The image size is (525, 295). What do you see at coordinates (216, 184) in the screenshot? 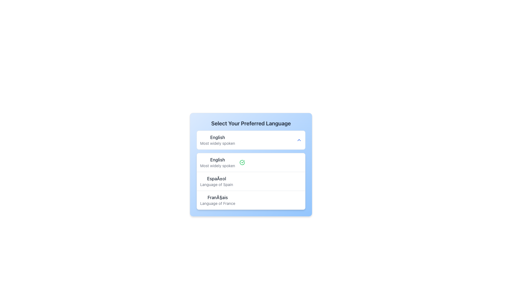
I see `the text label displaying 'Language of Spain', which is styled in gray and positioned below the bold 'Español' text in the language selection row` at bounding box center [216, 184].